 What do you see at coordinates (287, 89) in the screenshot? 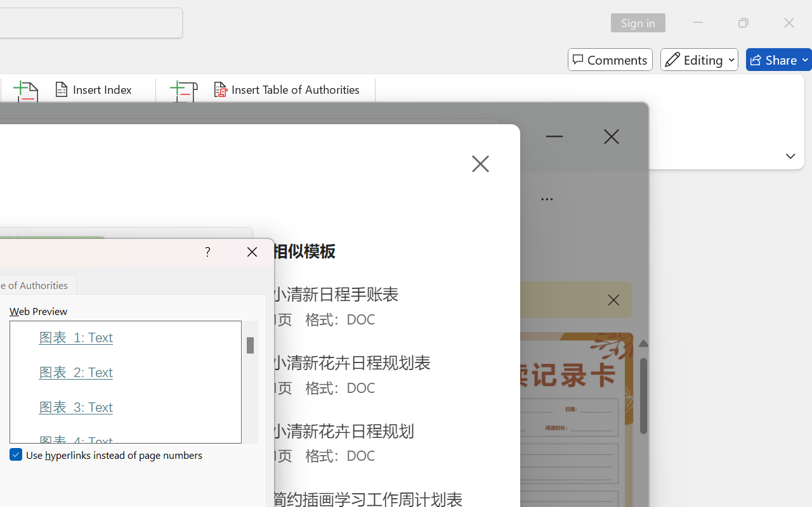
I see `'Insert Table of Authorities...'` at bounding box center [287, 89].